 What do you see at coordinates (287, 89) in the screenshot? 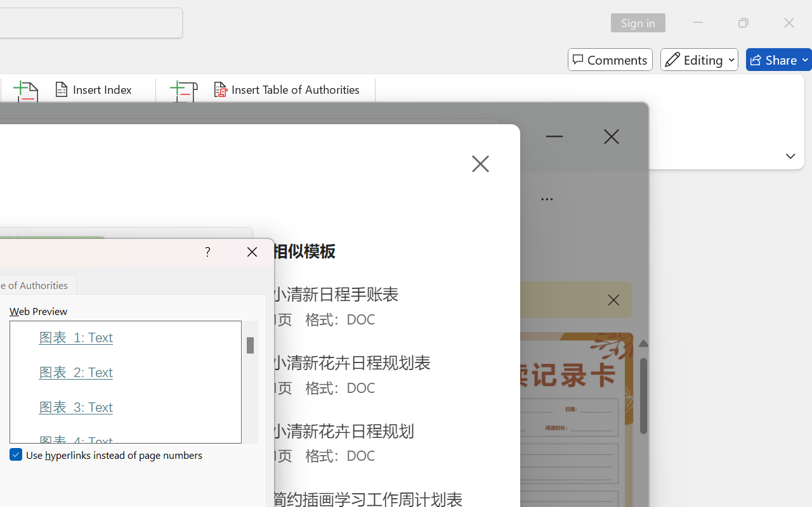
I see `'Insert Table of Authorities...'` at bounding box center [287, 89].